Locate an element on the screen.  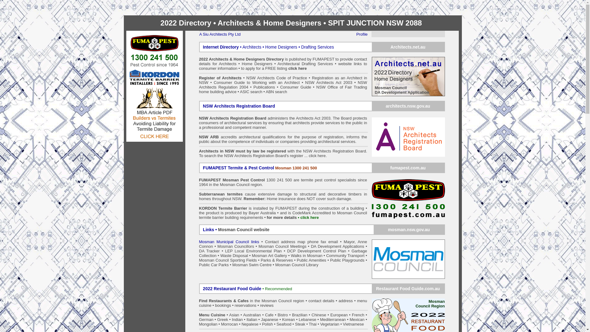
'DA Tracker' is located at coordinates (209, 251).